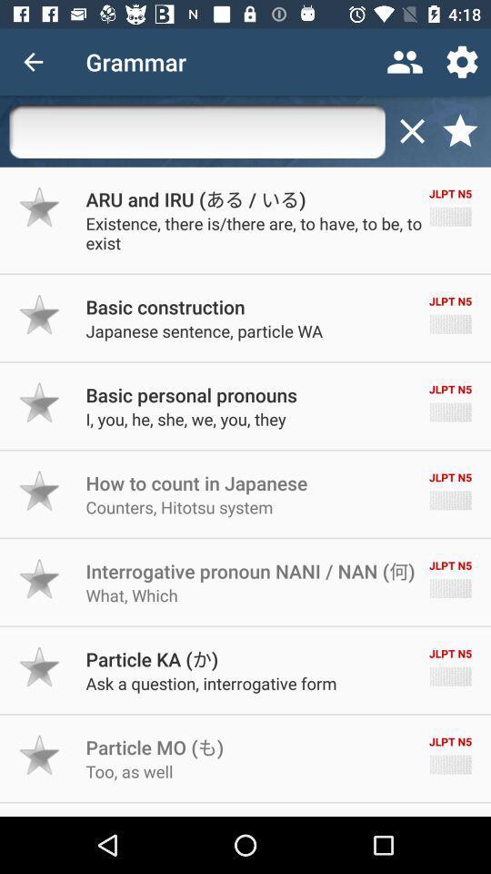 The width and height of the screenshot is (491, 874). Describe the element at coordinates (40, 314) in the screenshot. I see `as favorite` at that location.